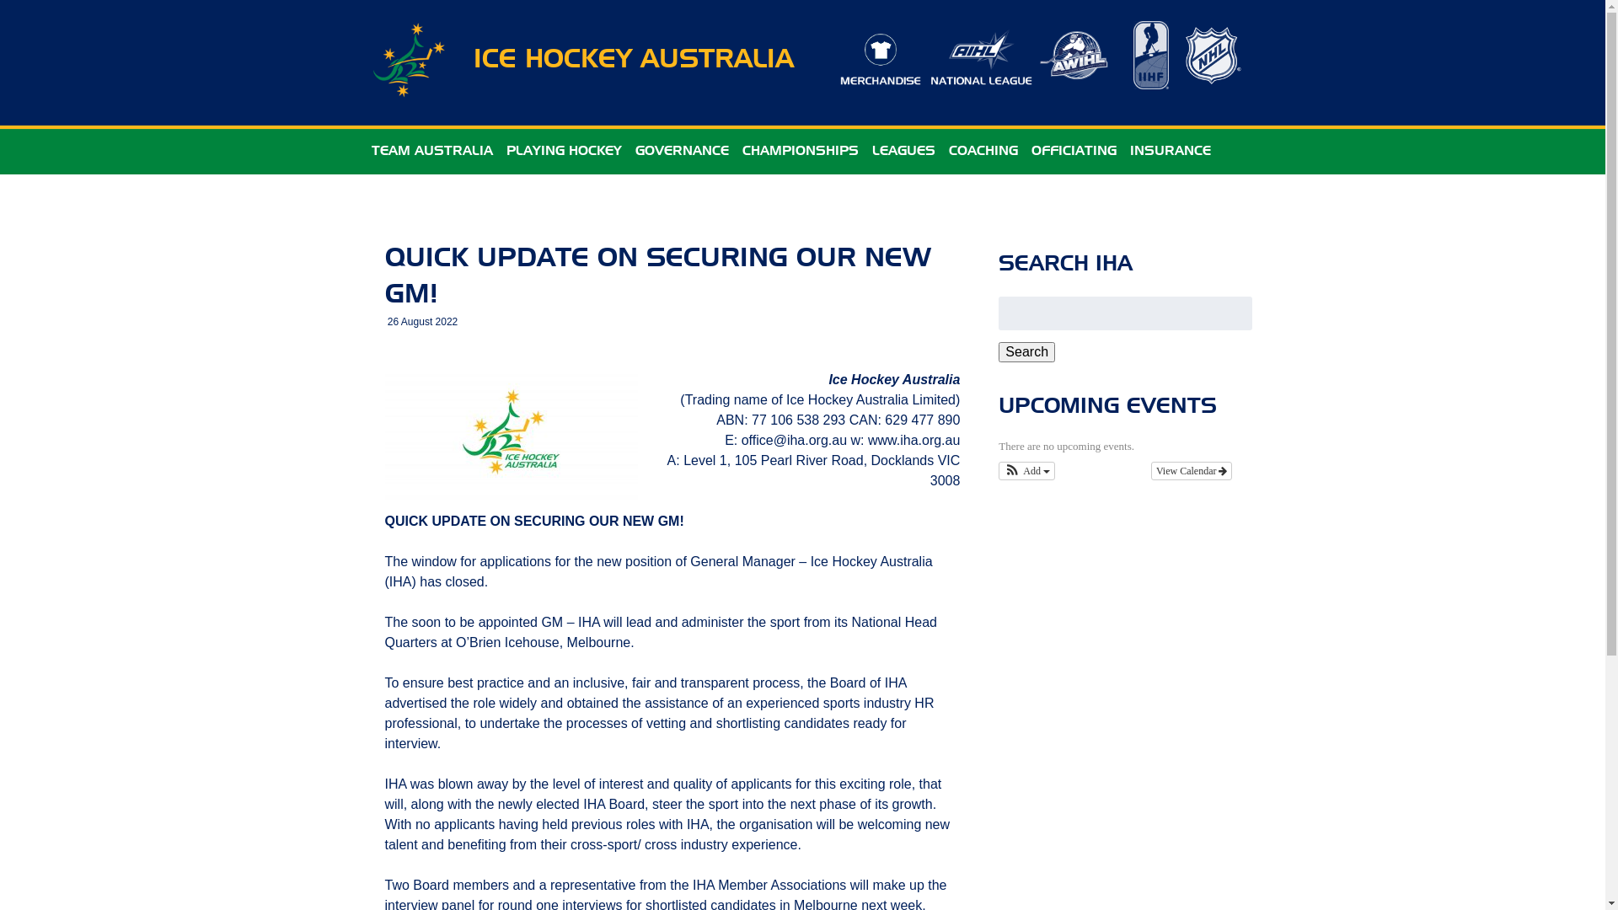 The width and height of the screenshot is (1618, 910). I want to click on 'TEAM AUSTRALIA', so click(431, 152).